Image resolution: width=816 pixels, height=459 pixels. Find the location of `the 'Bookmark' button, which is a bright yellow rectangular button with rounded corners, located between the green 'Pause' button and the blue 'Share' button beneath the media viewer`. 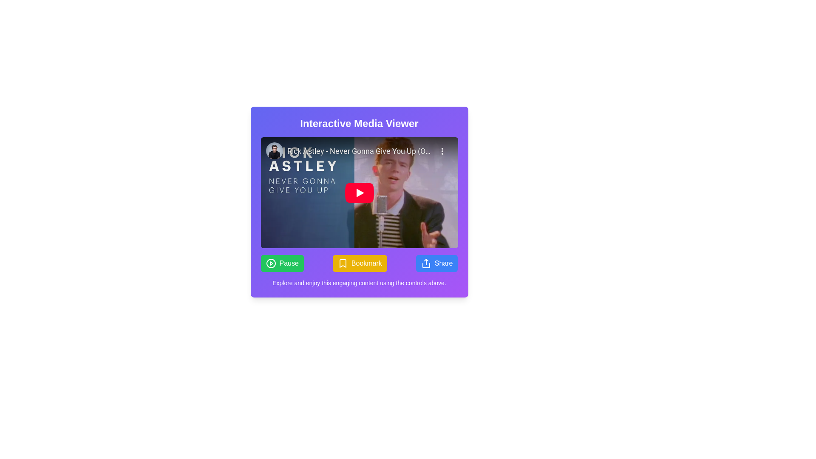

the 'Bookmark' button, which is a bright yellow rectangular button with rounded corners, located between the green 'Pause' button and the blue 'Share' button beneath the media viewer is located at coordinates (360, 263).